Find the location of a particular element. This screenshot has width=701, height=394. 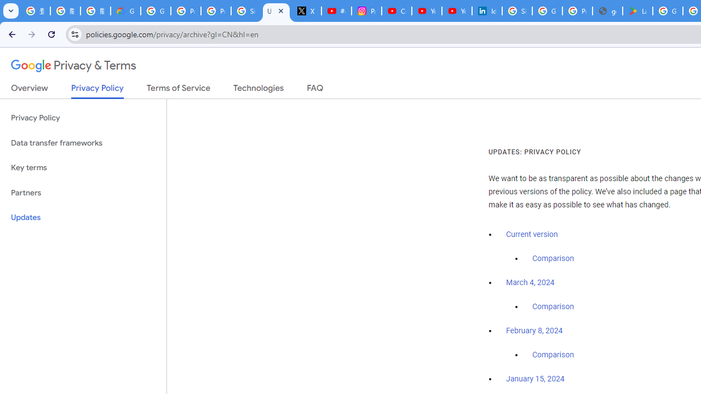

'Technologies' is located at coordinates (258, 90).